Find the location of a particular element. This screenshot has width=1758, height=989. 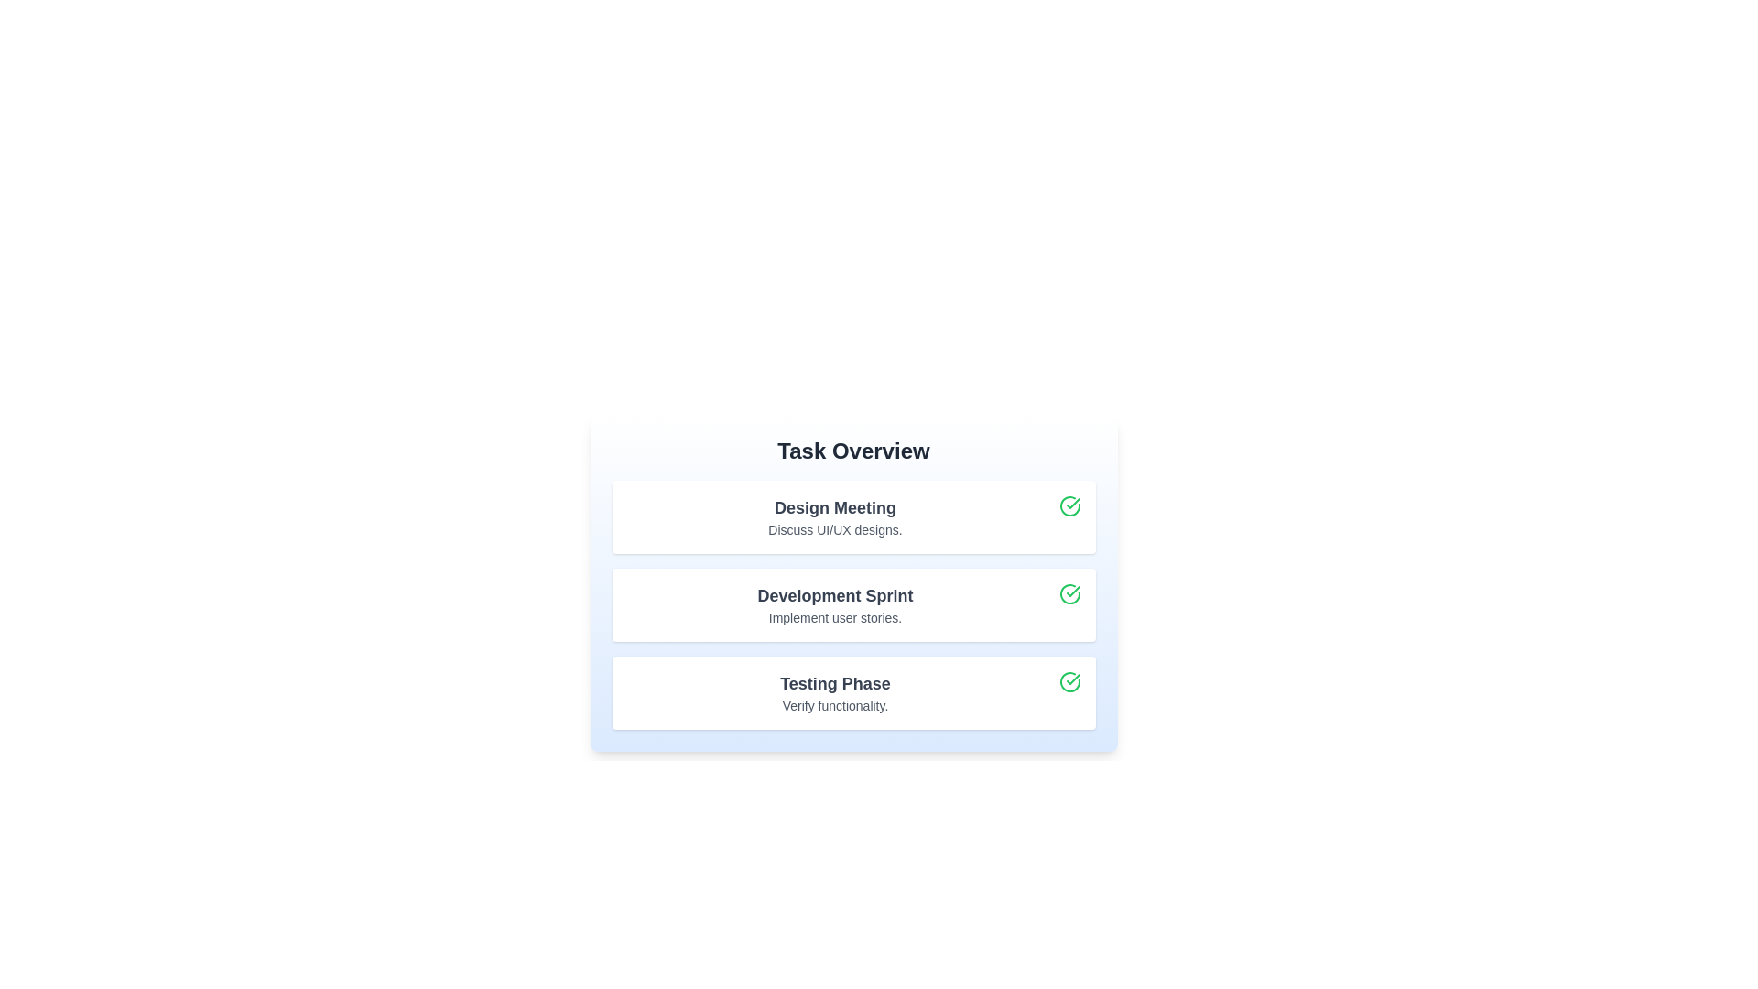

the check icon to mark the task 'Design Meeting' as completed is located at coordinates (1069, 505).